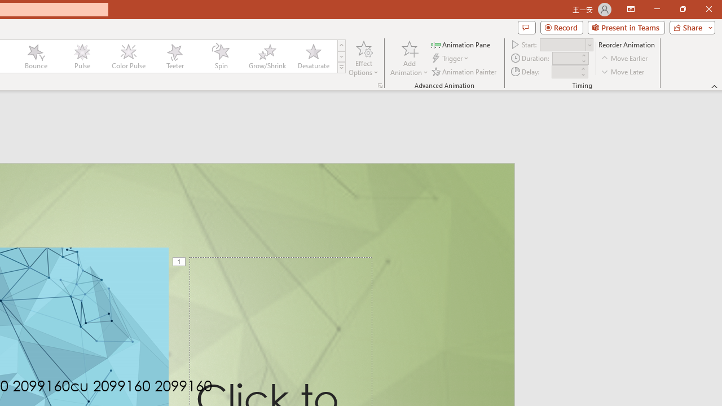 The image size is (722, 406). I want to click on 'Move Later', so click(623, 72).